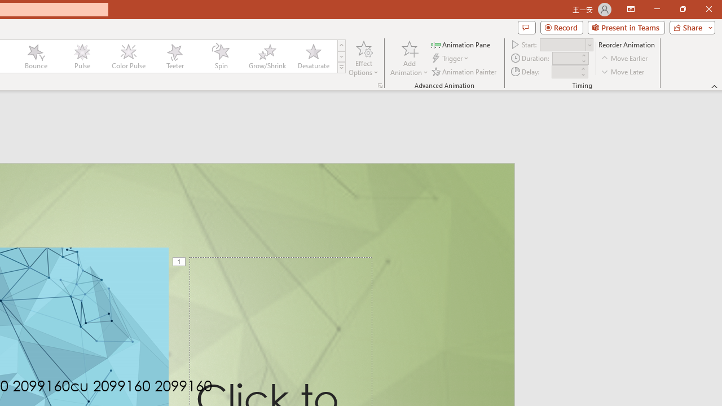 The image size is (722, 406). I want to click on 'Move Later', so click(623, 72).